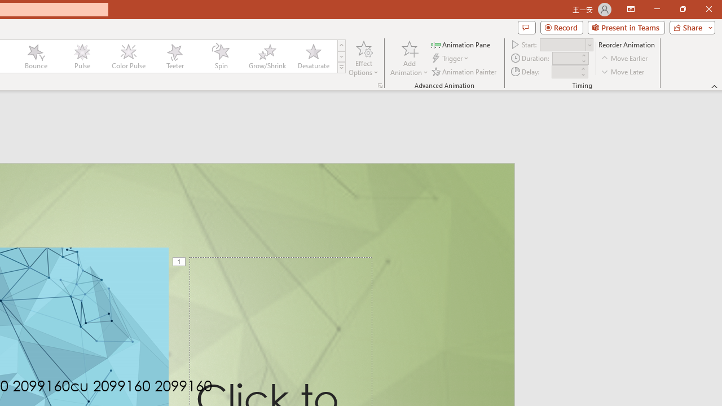 The image size is (722, 406). I want to click on 'Move Later', so click(623, 72).